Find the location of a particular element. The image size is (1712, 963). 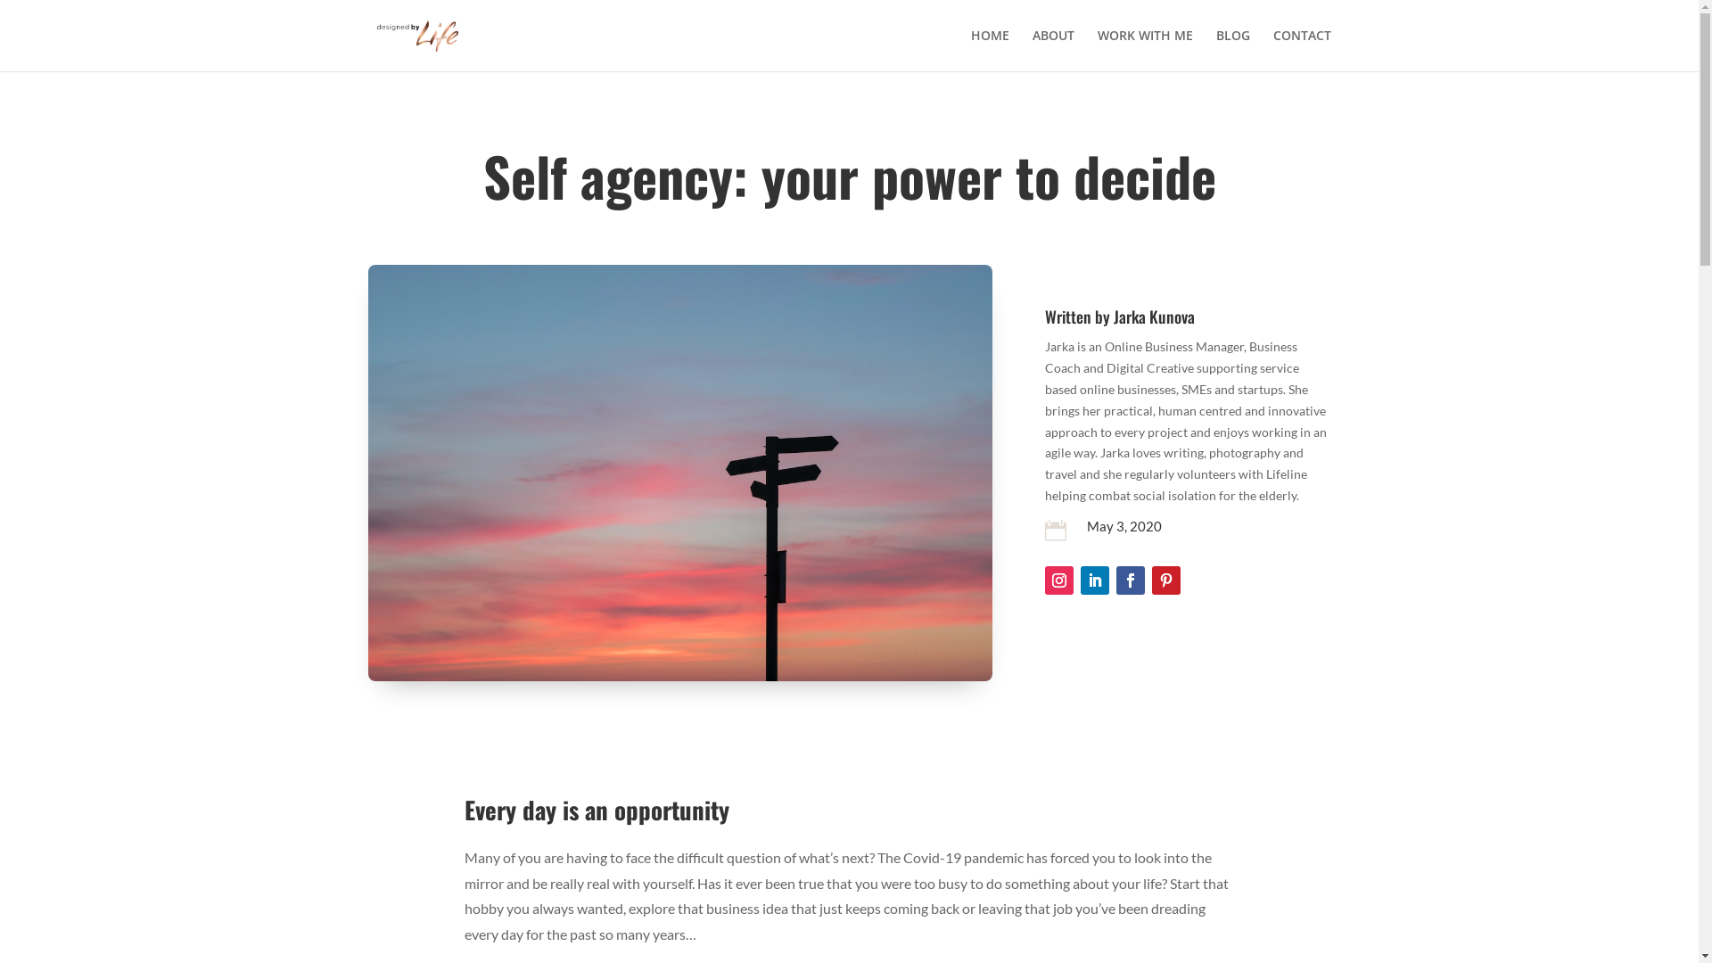

'Follow on LinkedIn' is located at coordinates (1094, 580).